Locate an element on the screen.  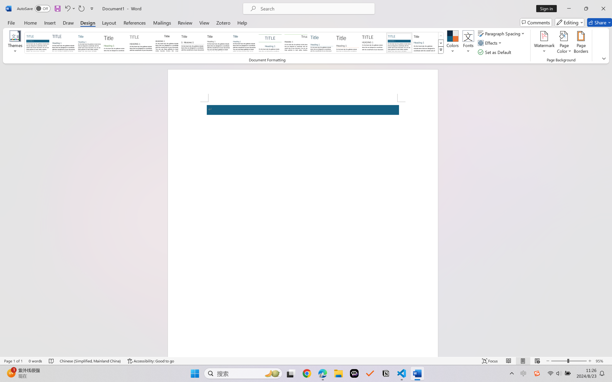
'Paragraph Spacing' is located at coordinates (502, 33).